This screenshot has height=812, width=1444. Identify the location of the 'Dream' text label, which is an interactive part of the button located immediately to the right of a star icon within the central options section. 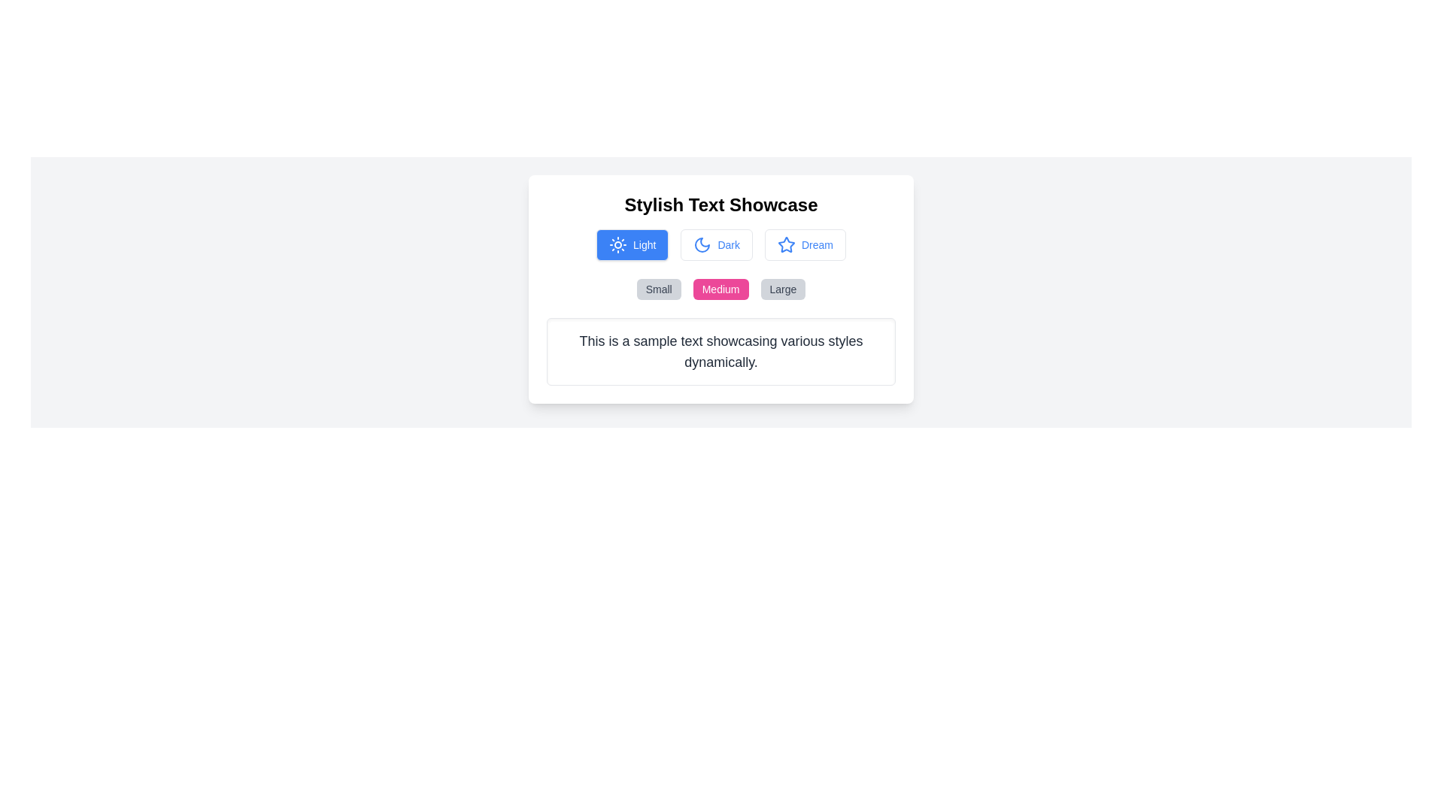
(816, 244).